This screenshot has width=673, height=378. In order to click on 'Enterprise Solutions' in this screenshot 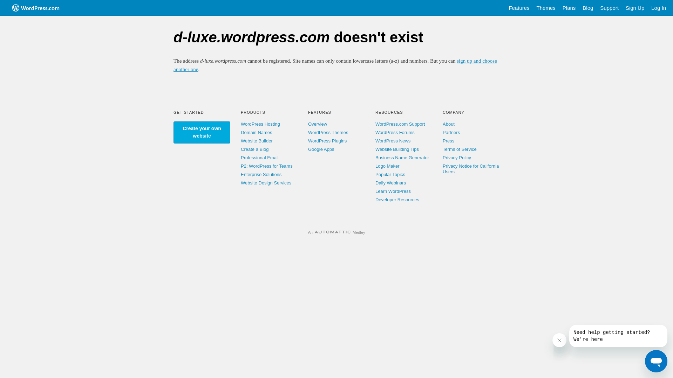, I will do `click(260, 174)`.